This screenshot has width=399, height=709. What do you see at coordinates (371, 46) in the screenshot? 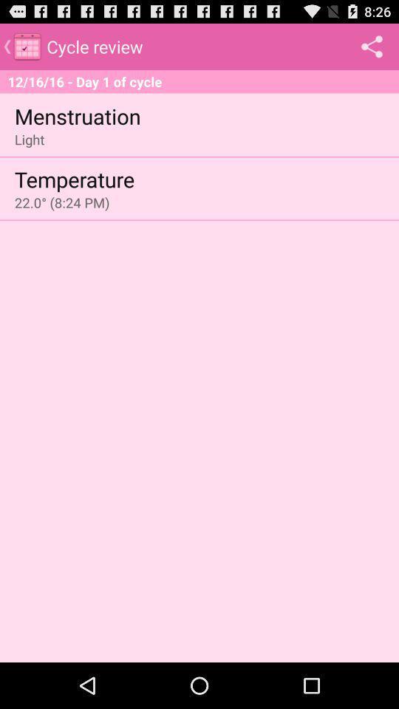
I see `the app to the right of the cycle review` at bounding box center [371, 46].